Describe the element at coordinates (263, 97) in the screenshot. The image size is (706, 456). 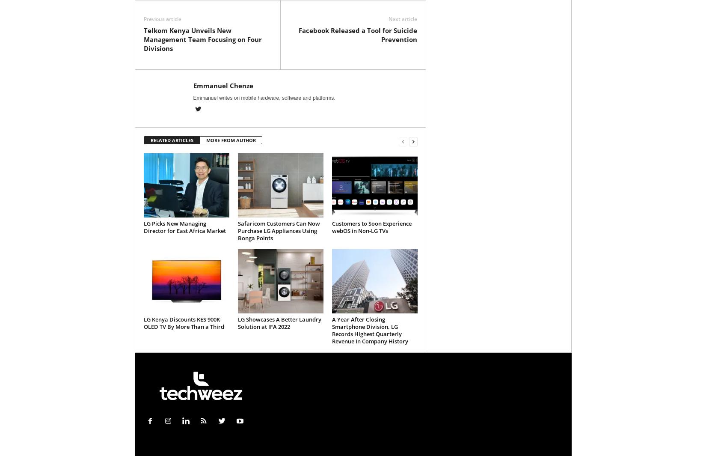
I see `'Emmanuel writes on mobile hardware, software and platforms.'` at that location.